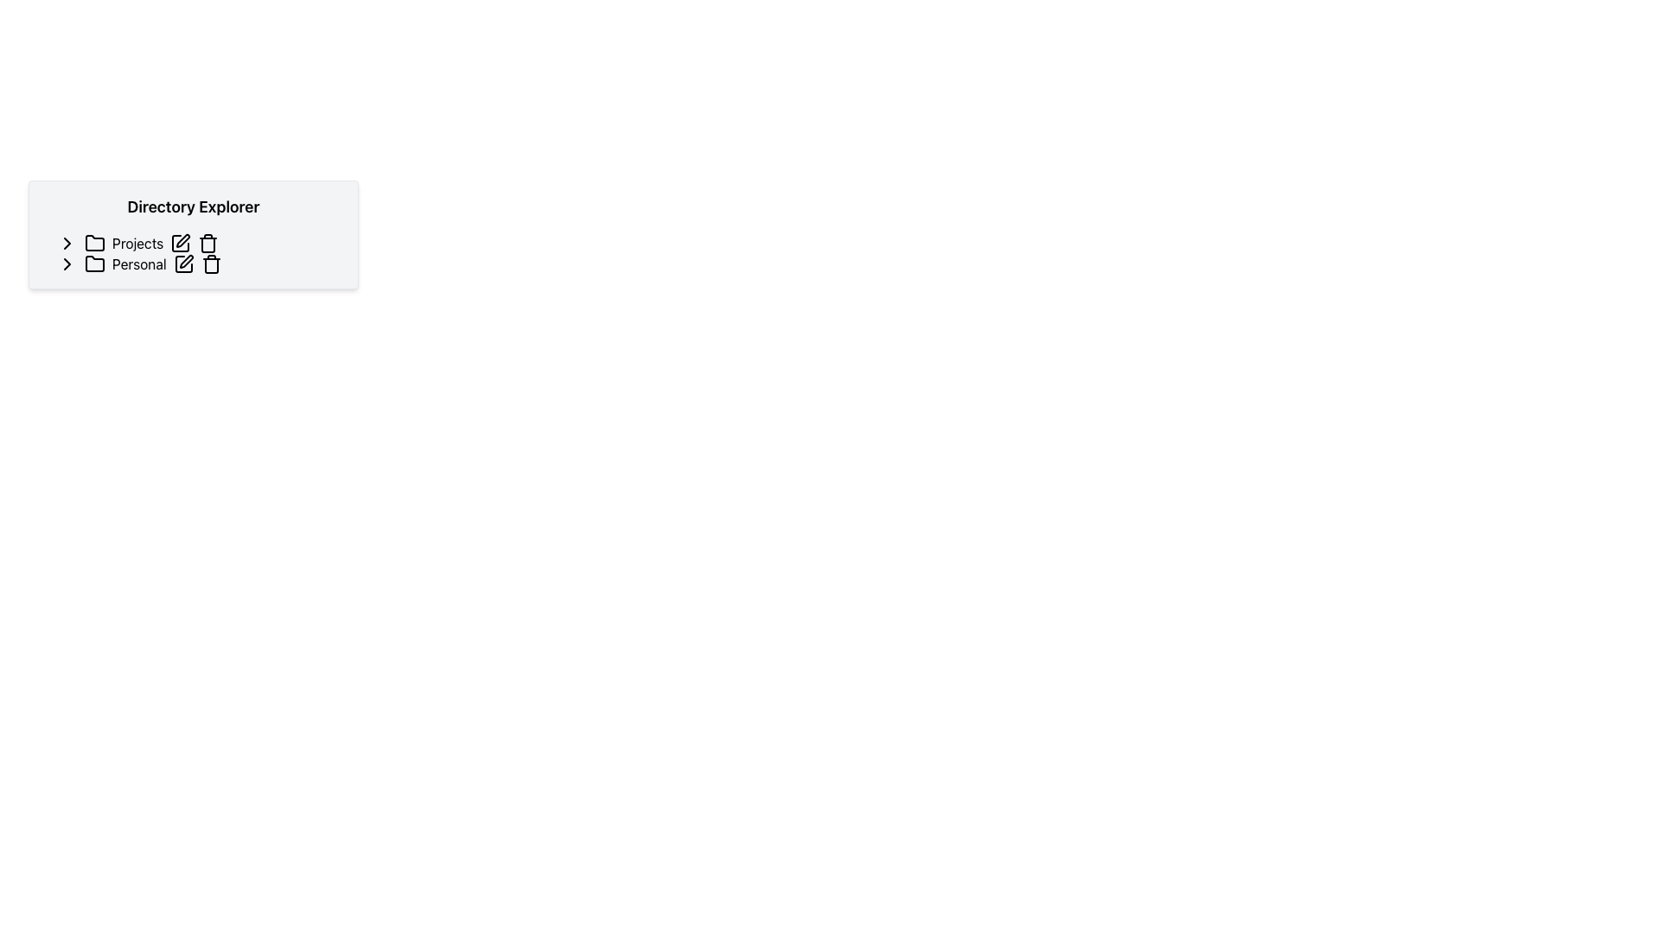  I want to click on the Icon Button located to the right of the 'Projects' label in the directory explorer, so click(181, 243).